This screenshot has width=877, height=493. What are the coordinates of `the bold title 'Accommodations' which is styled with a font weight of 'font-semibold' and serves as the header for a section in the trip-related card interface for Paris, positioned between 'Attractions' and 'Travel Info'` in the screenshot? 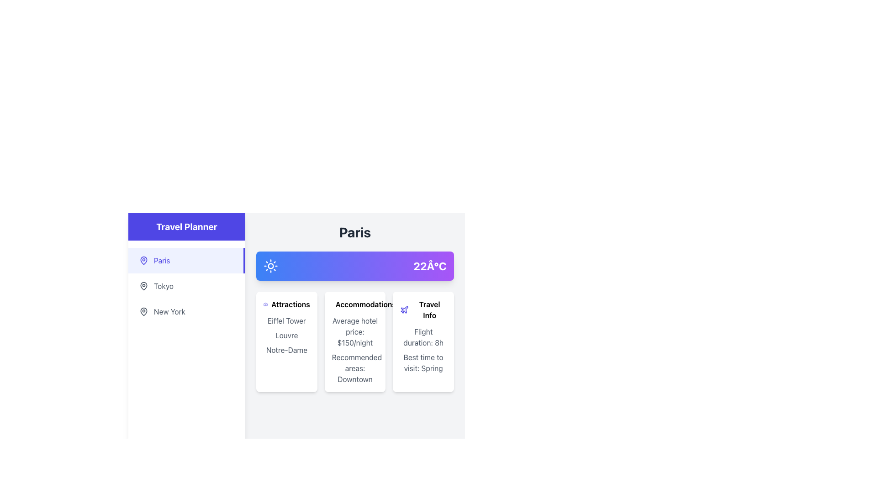 It's located at (365, 304).